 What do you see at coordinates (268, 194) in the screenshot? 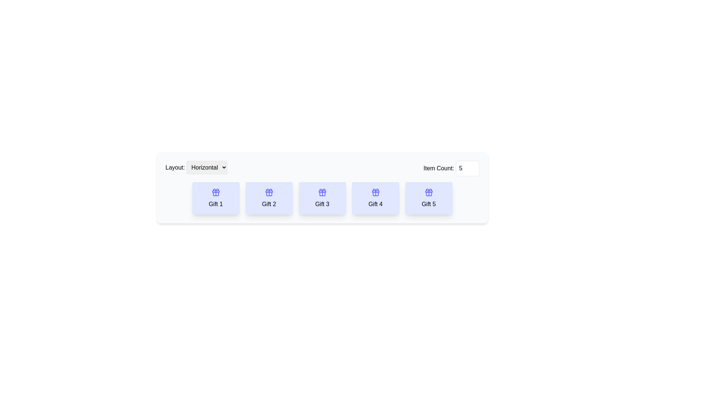
I see `the 'Gift 2' card` at bounding box center [268, 194].